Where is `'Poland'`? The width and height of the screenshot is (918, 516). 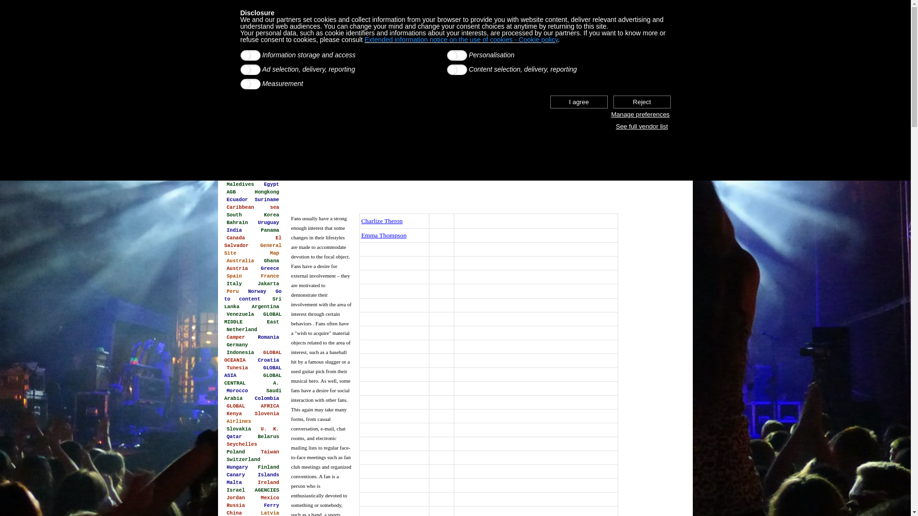 'Poland' is located at coordinates (236, 451).